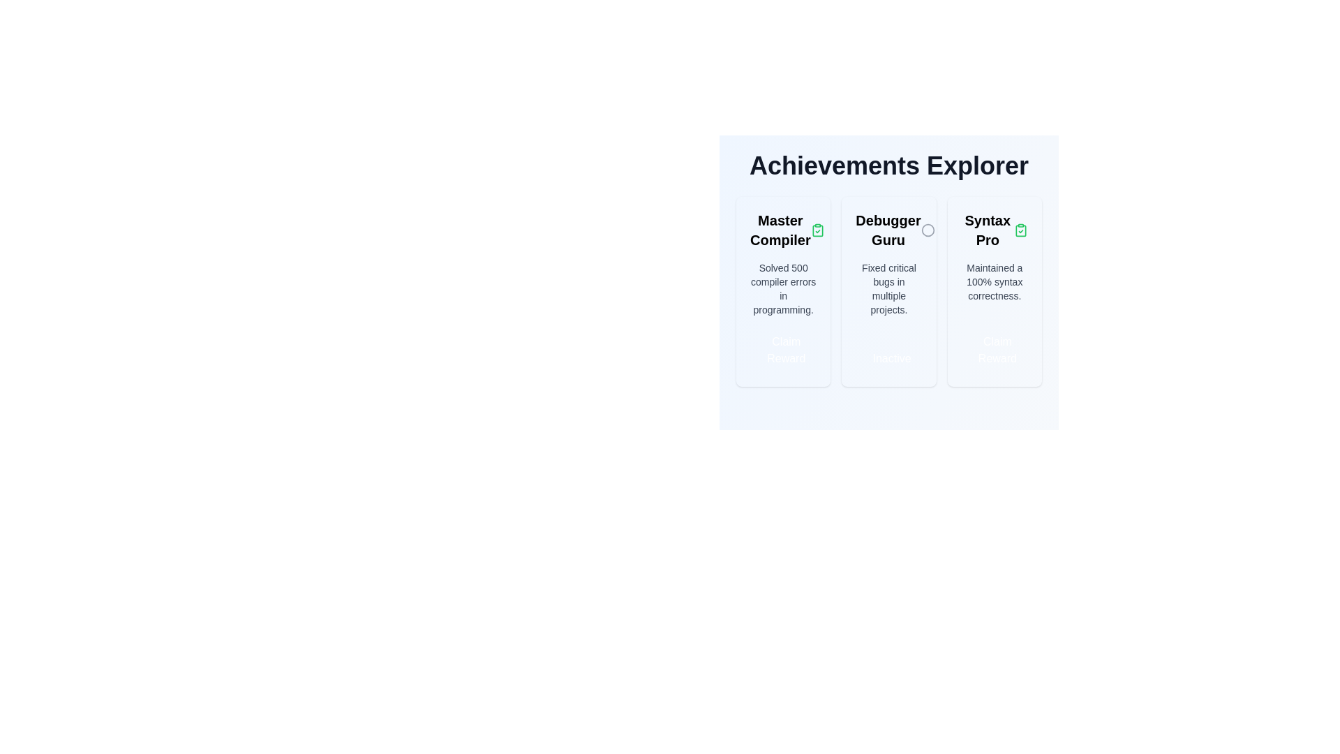 The height and width of the screenshot is (754, 1340). Describe the element at coordinates (928, 230) in the screenshot. I see `the icon, which is a circle with a thin outline in muted gray color, located inside the card labeled 'Debugger Guru'` at that location.